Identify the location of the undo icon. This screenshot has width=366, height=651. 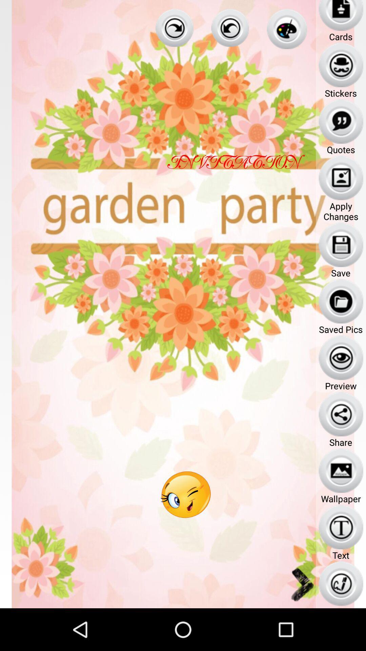
(230, 29).